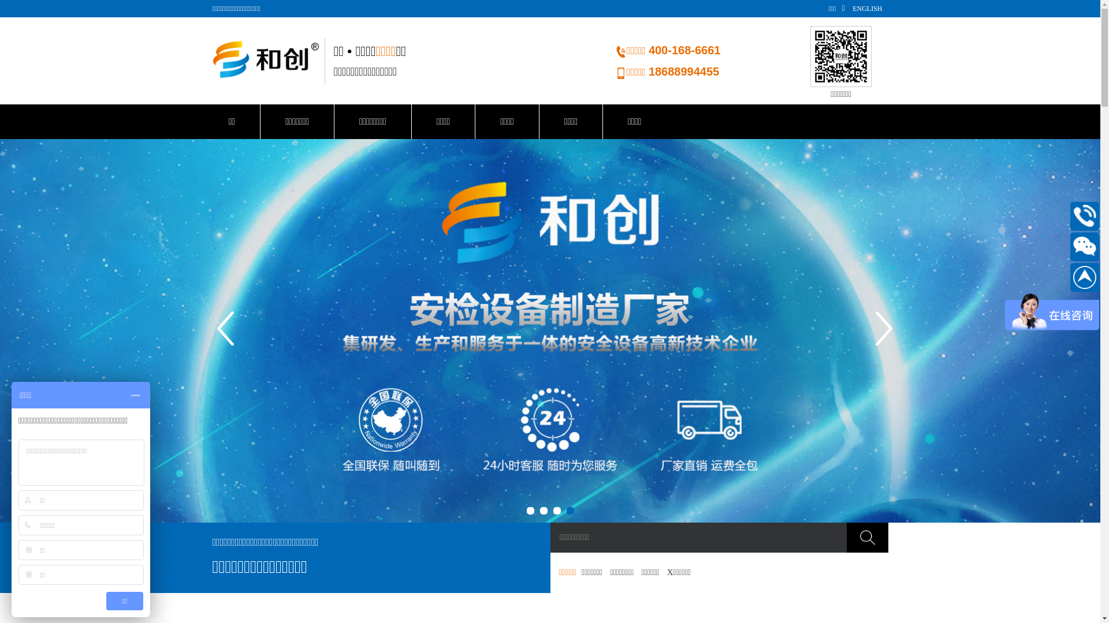  I want to click on '4', so click(565, 510).